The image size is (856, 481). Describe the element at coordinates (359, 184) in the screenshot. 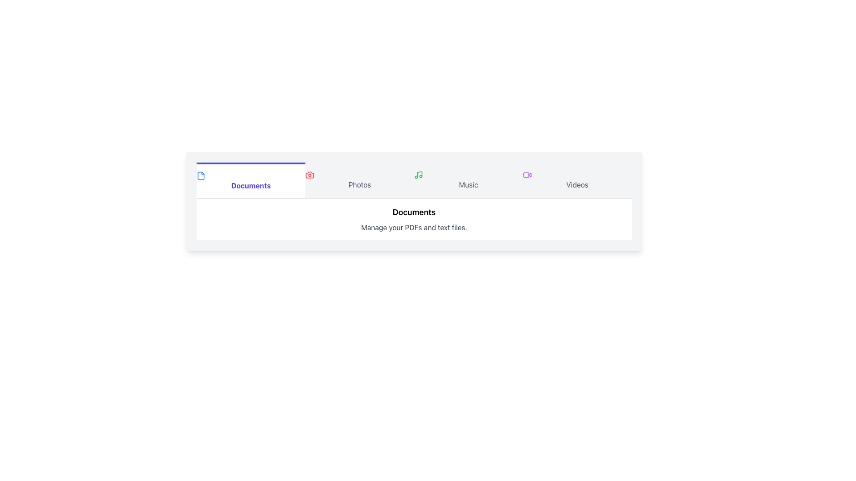

I see `the 'Photos' text label, which is styled in gray and located under the navigation bar` at that location.